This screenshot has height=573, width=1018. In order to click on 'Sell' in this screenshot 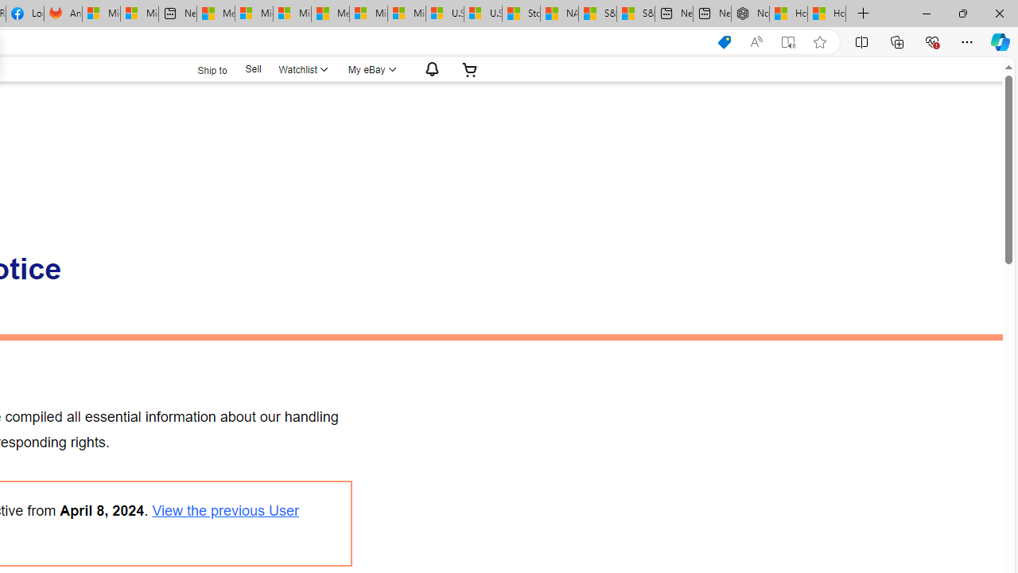, I will do `click(252, 68)`.